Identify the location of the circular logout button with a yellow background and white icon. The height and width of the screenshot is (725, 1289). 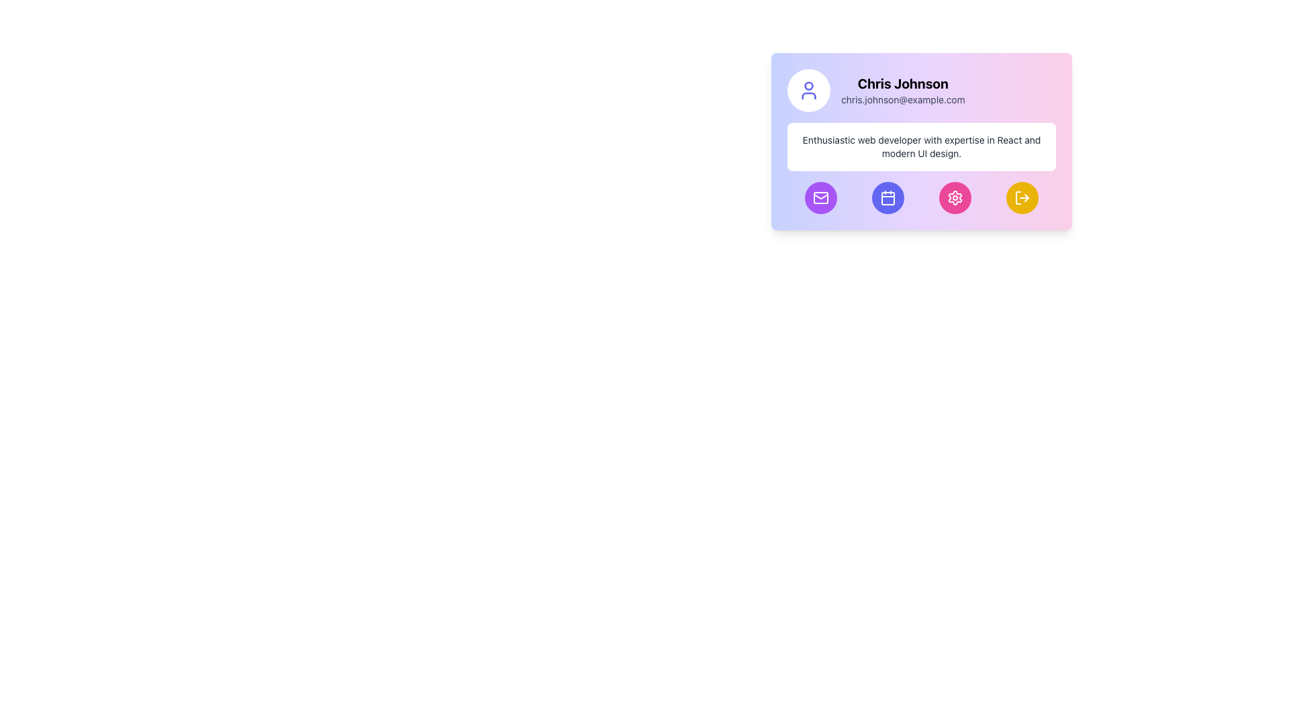
(1021, 197).